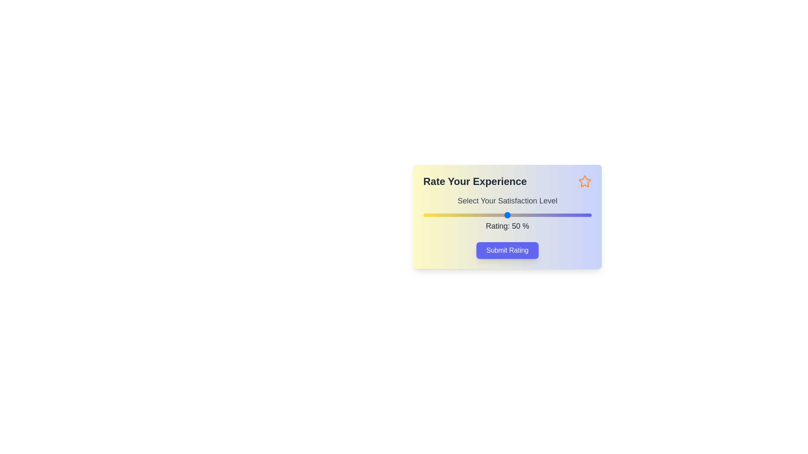  Describe the element at coordinates (507, 250) in the screenshot. I see `the 'Submit Rating' button to submit the rating` at that location.